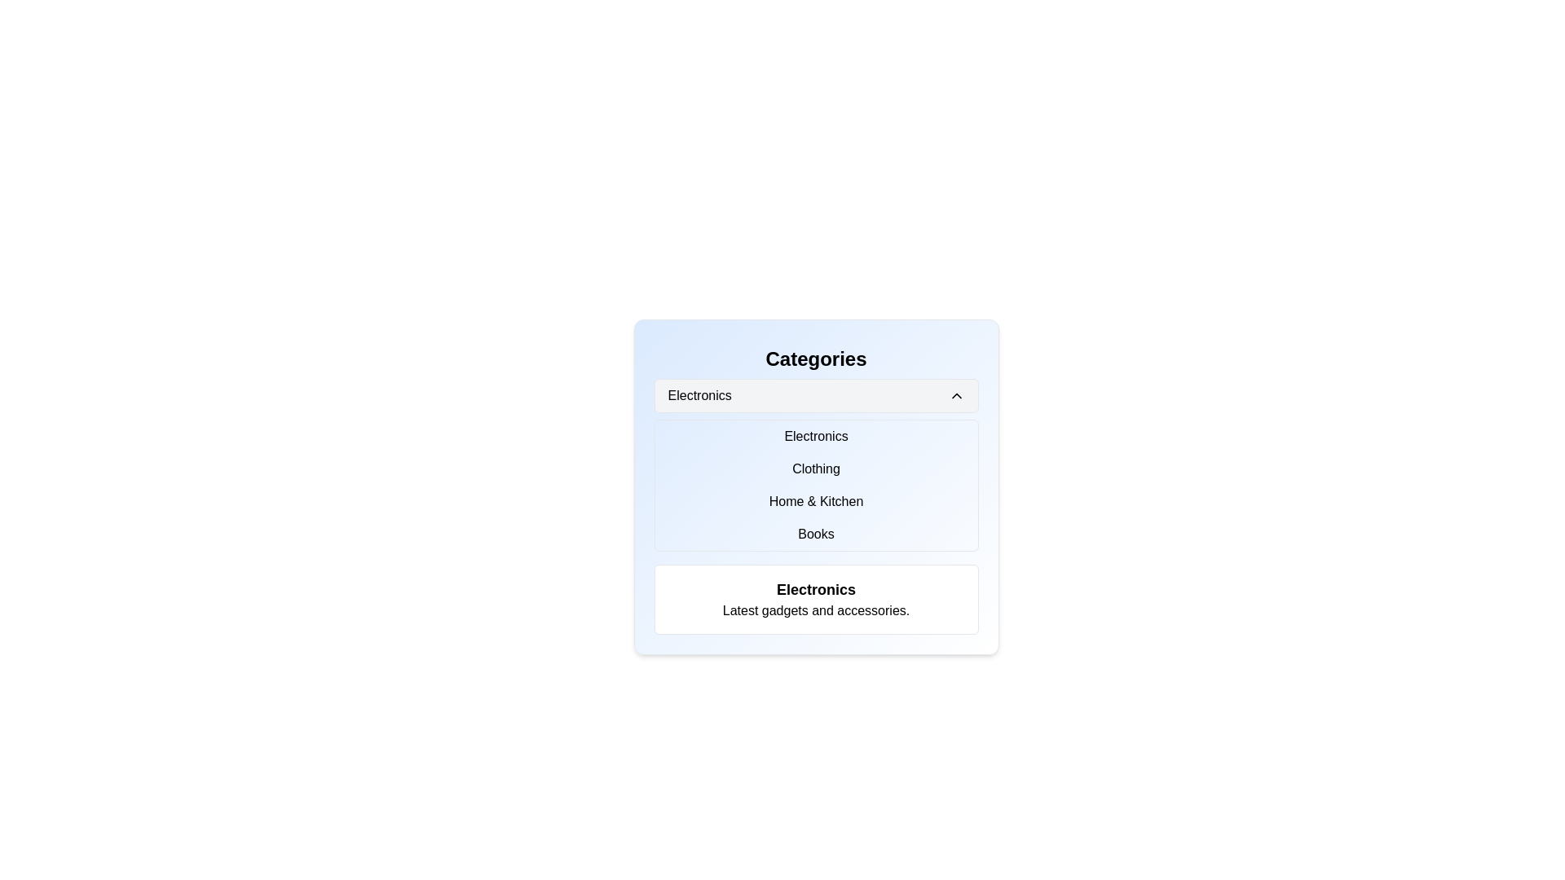 The width and height of the screenshot is (1565, 880). What do you see at coordinates (816, 534) in the screenshot?
I see `the text label 'Books' to activate its hover state, positioned as the last item in the 'Categories' list` at bounding box center [816, 534].